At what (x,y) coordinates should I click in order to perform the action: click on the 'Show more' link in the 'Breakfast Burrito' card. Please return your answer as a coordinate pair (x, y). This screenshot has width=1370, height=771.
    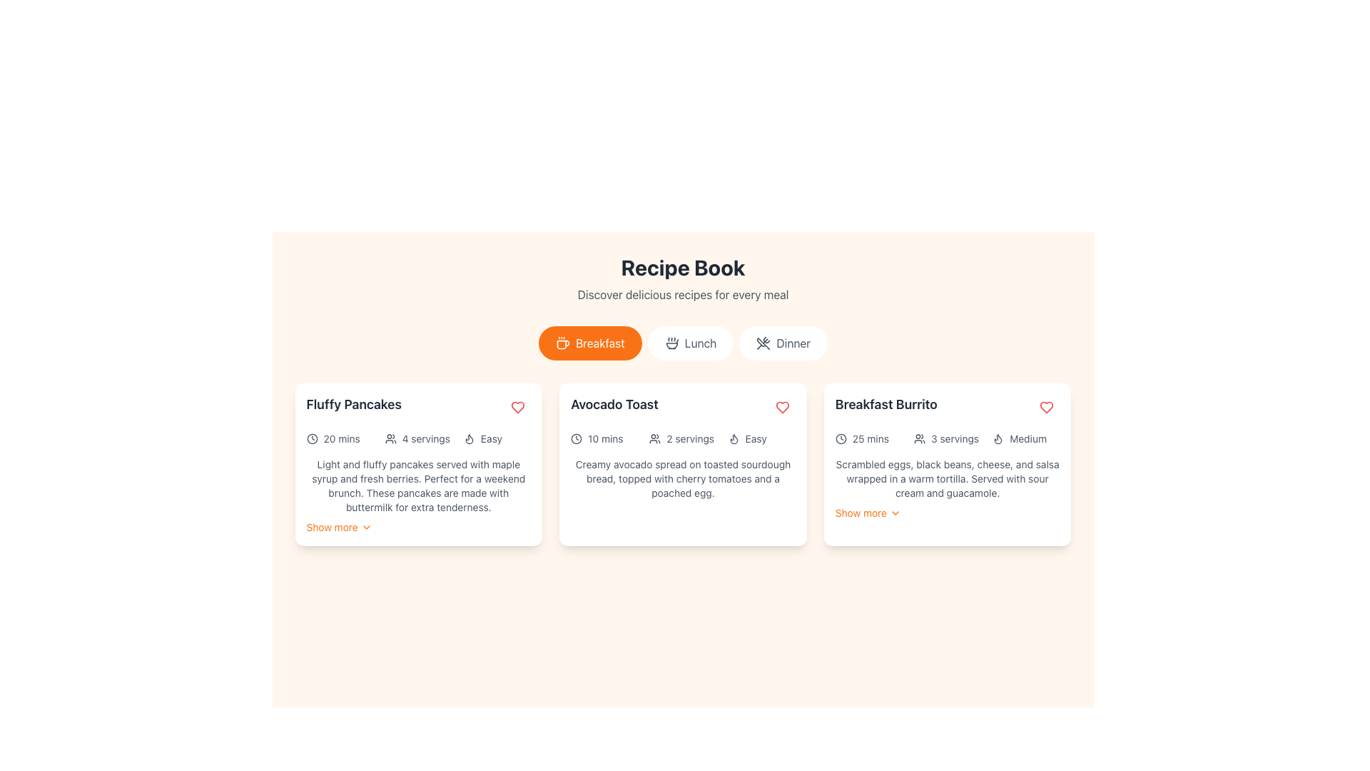
    Looking at the image, I should click on (948, 488).